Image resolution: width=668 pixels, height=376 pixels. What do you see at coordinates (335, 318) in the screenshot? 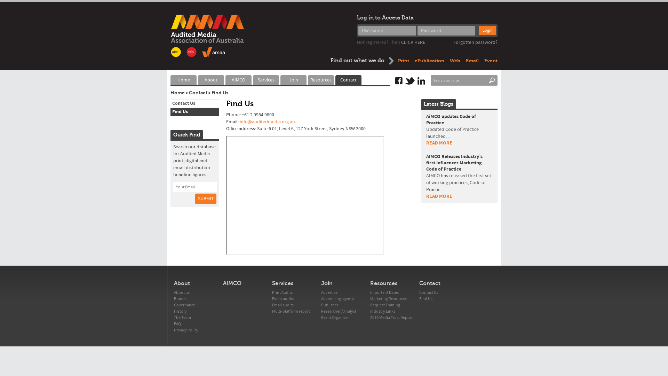
I see `'Event Organiser'` at bounding box center [335, 318].